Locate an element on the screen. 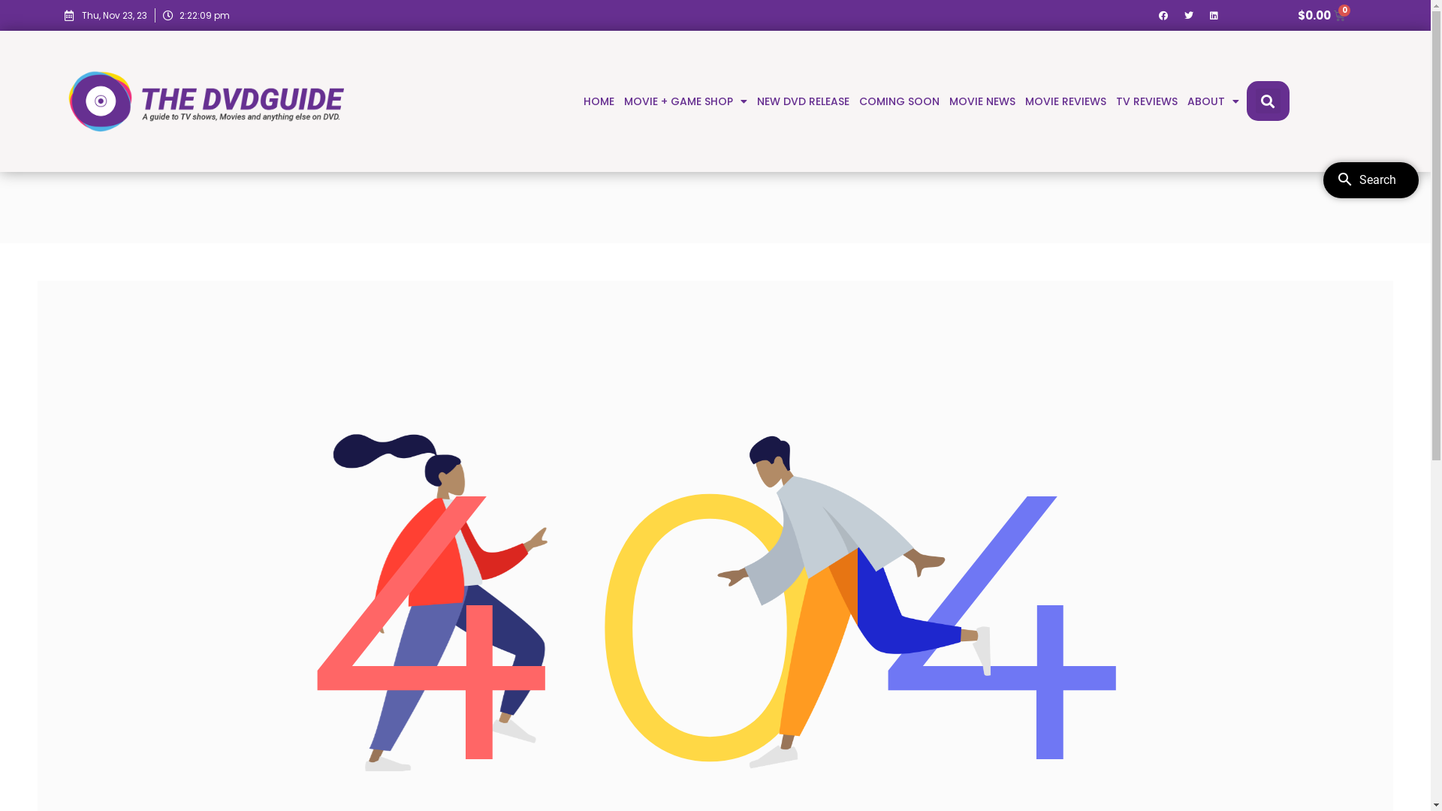 The image size is (1442, 811). 'MOVIE + GAME SHOP' is located at coordinates (623, 101).